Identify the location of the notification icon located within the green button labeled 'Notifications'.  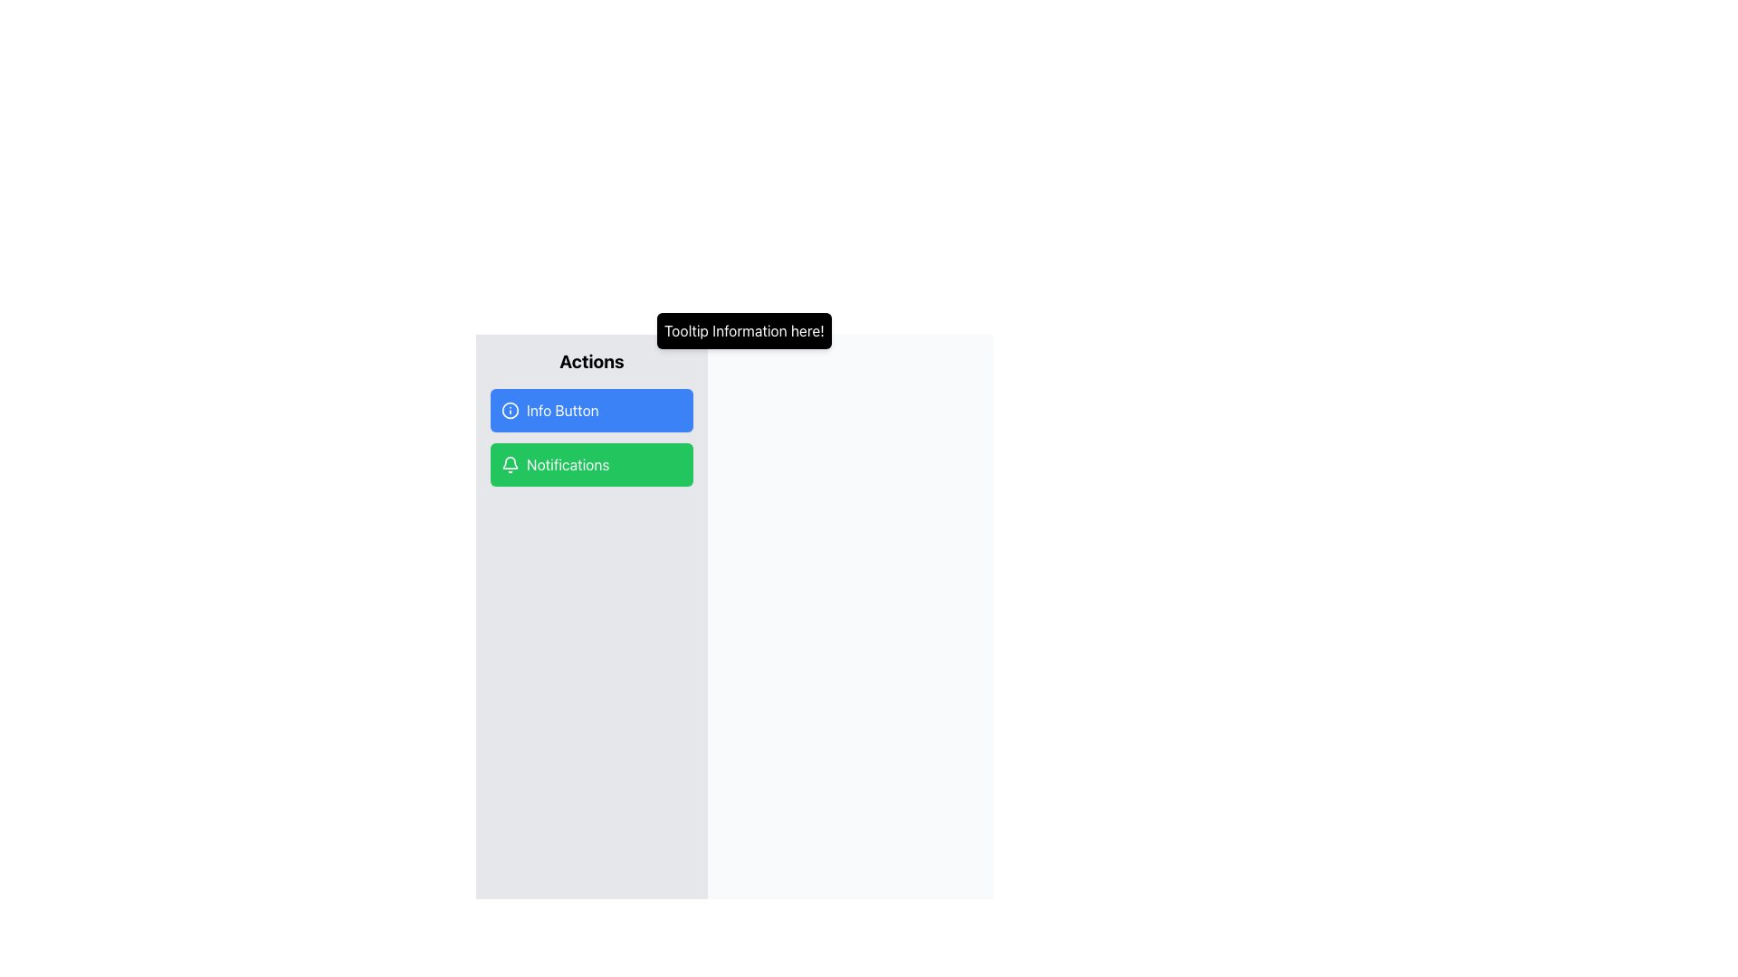
(510, 461).